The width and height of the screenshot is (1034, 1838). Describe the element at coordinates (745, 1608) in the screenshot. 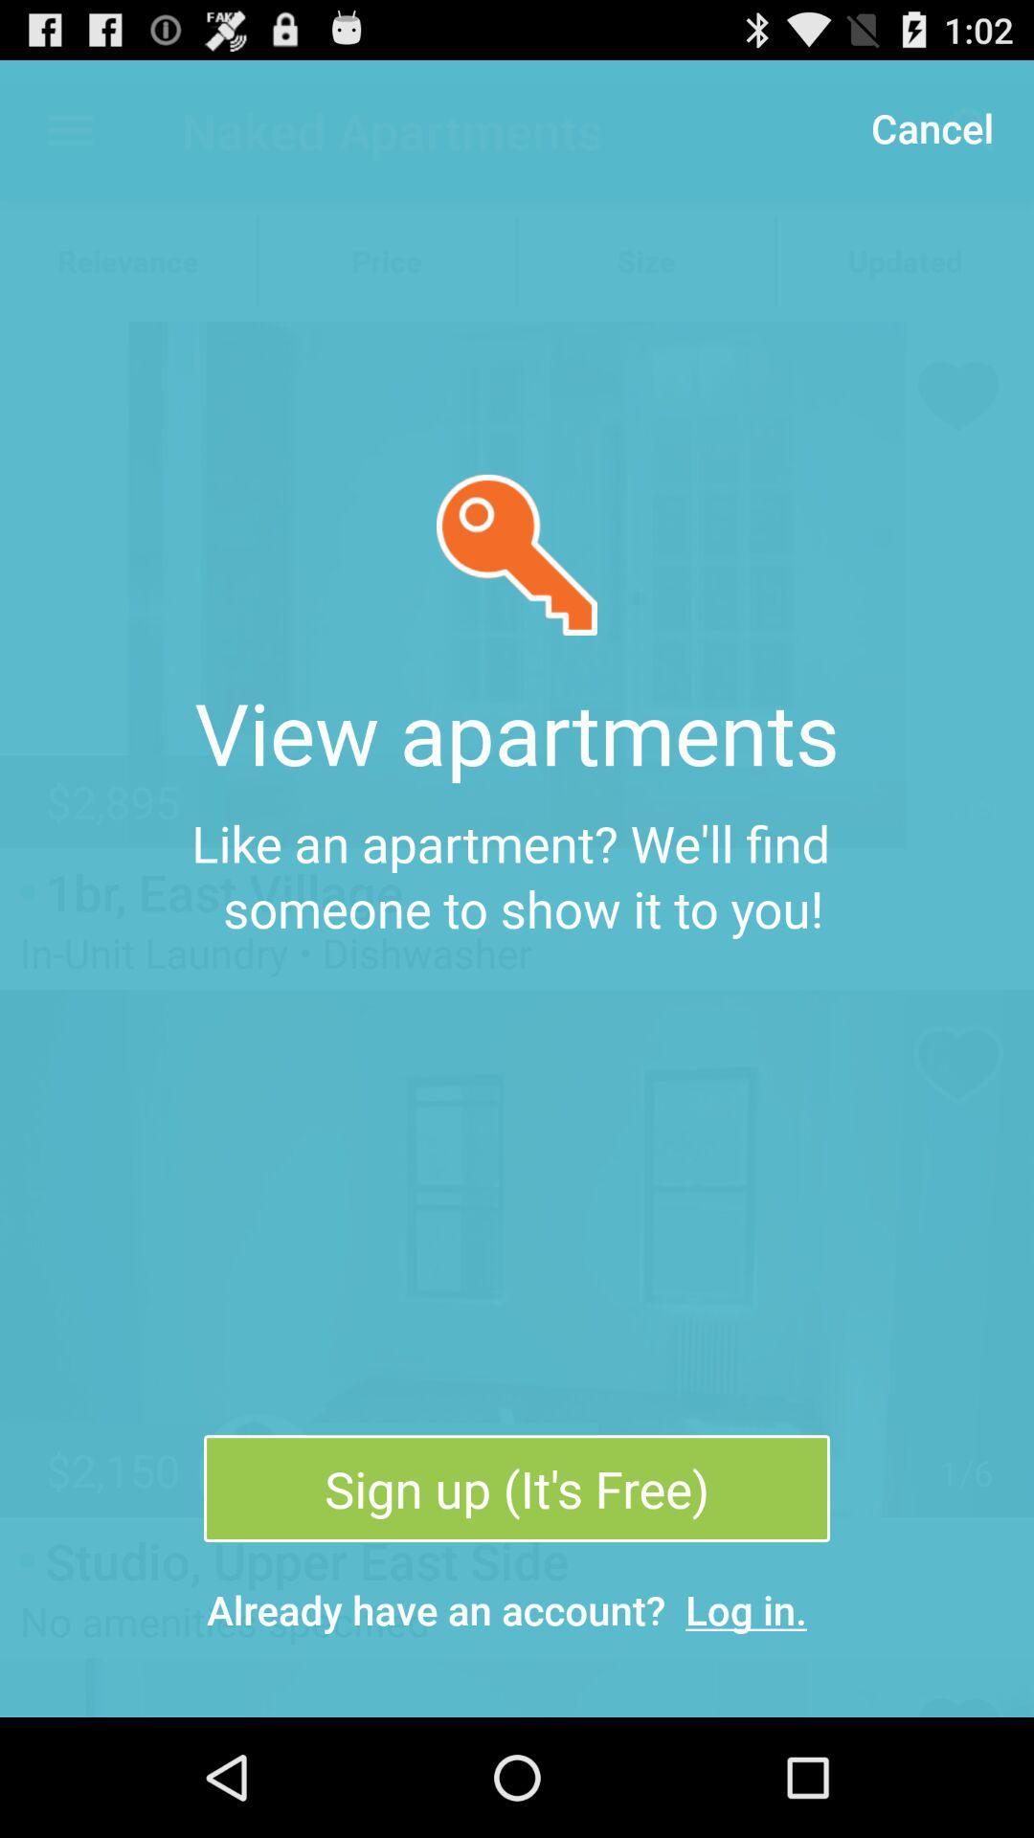

I see `icon next to already have an item` at that location.